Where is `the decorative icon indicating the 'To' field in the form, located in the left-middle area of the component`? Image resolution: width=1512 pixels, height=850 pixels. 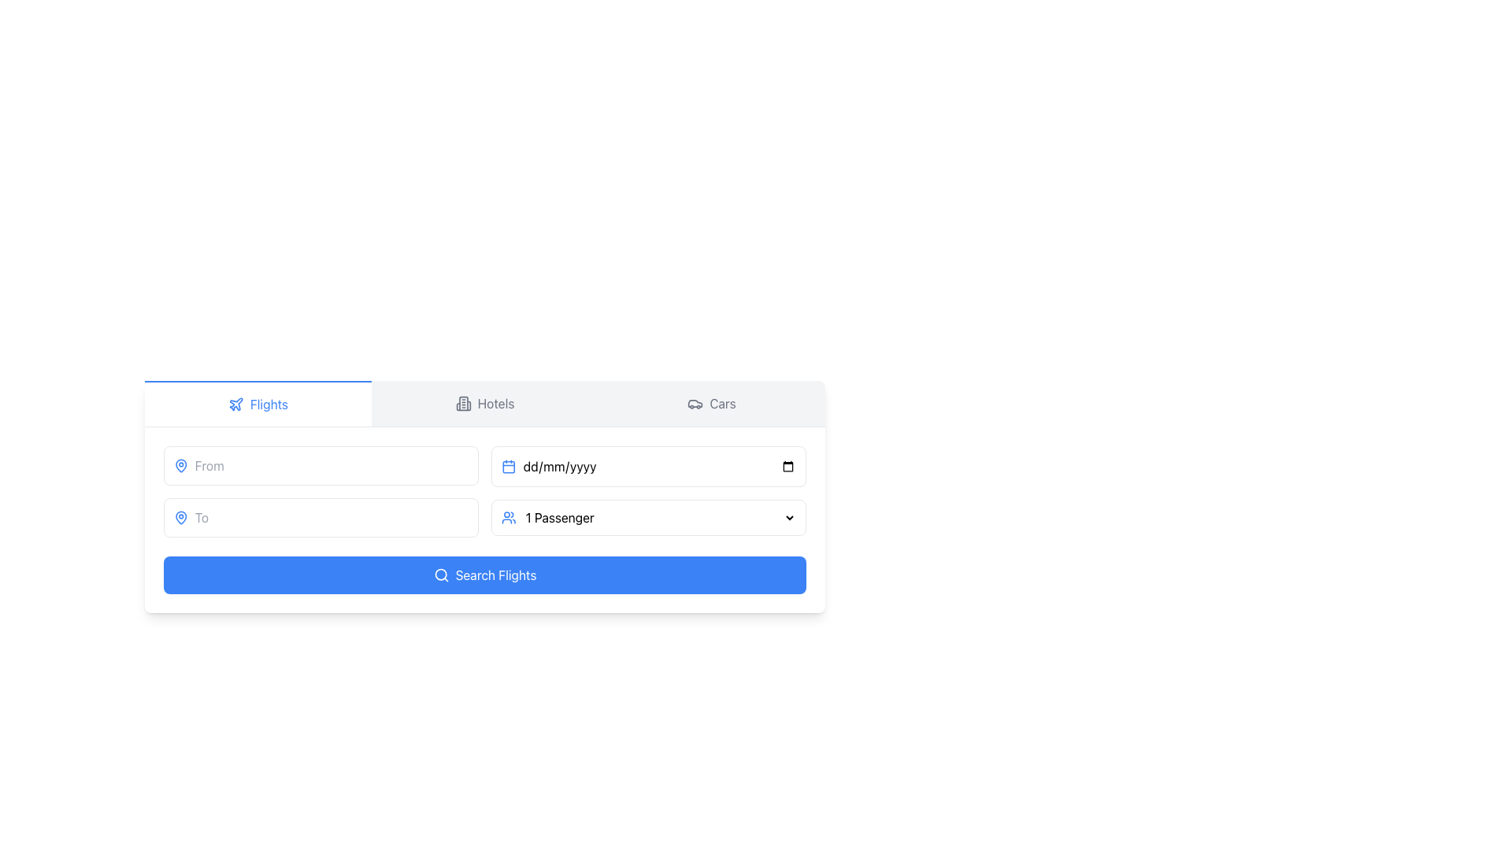
the decorative icon indicating the 'To' field in the form, located in the left-middle area of the component is located at coordinates (181, 518).